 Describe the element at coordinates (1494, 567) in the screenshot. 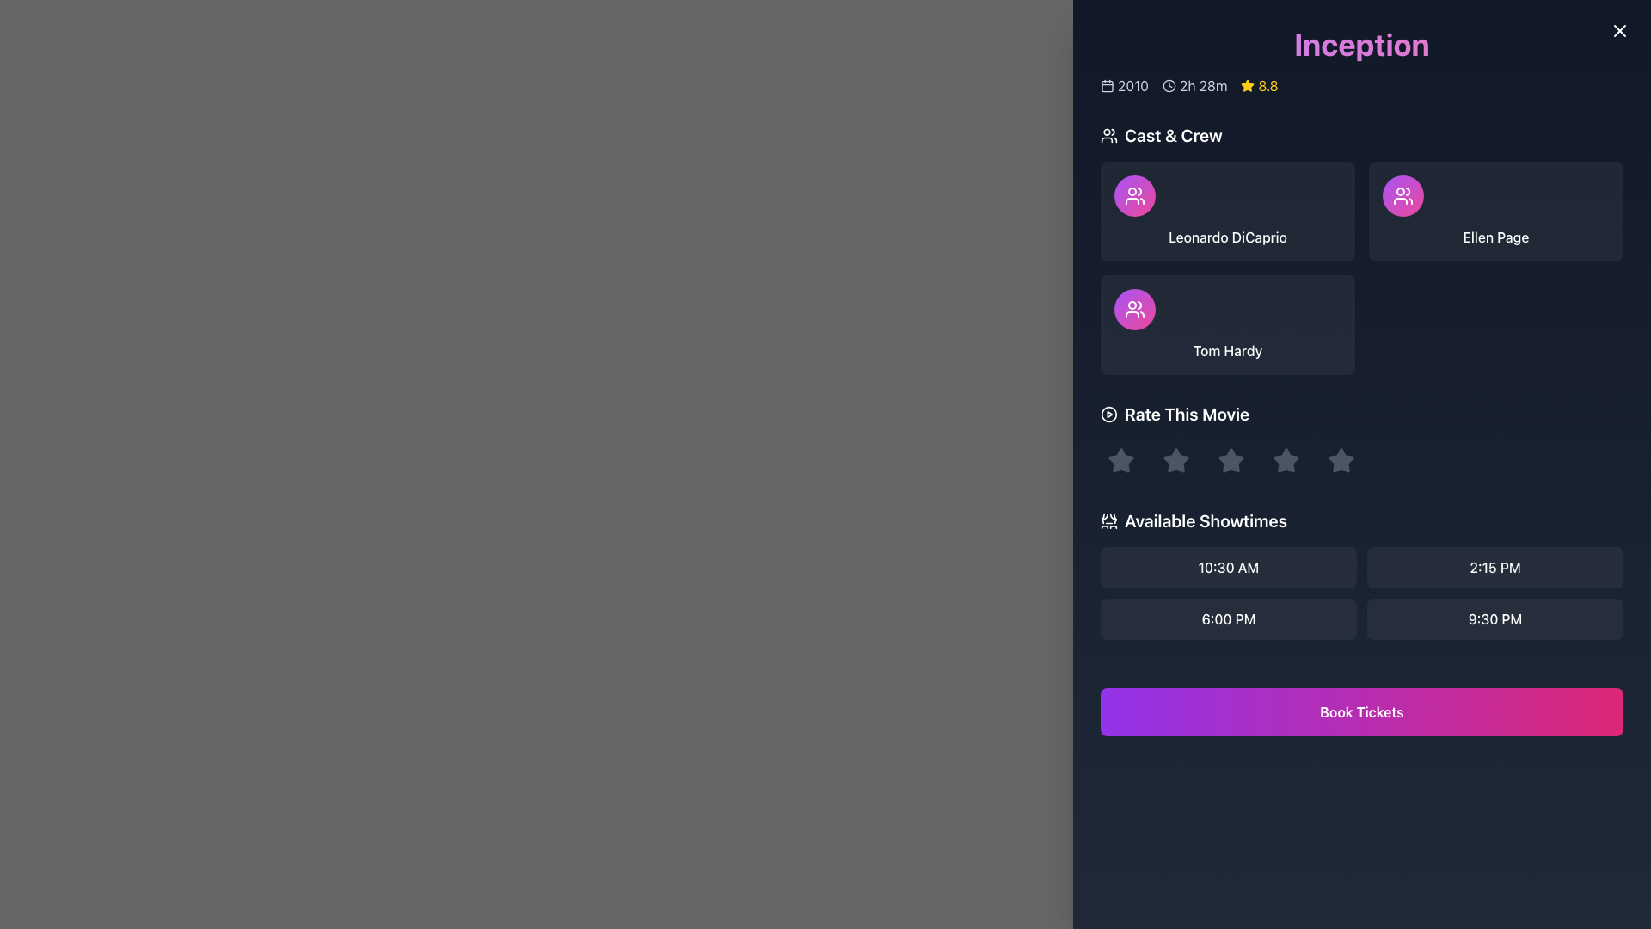

I see `the time button displaying '2:15 PM', which is located in the first row and second column of the grid layout` at that location.